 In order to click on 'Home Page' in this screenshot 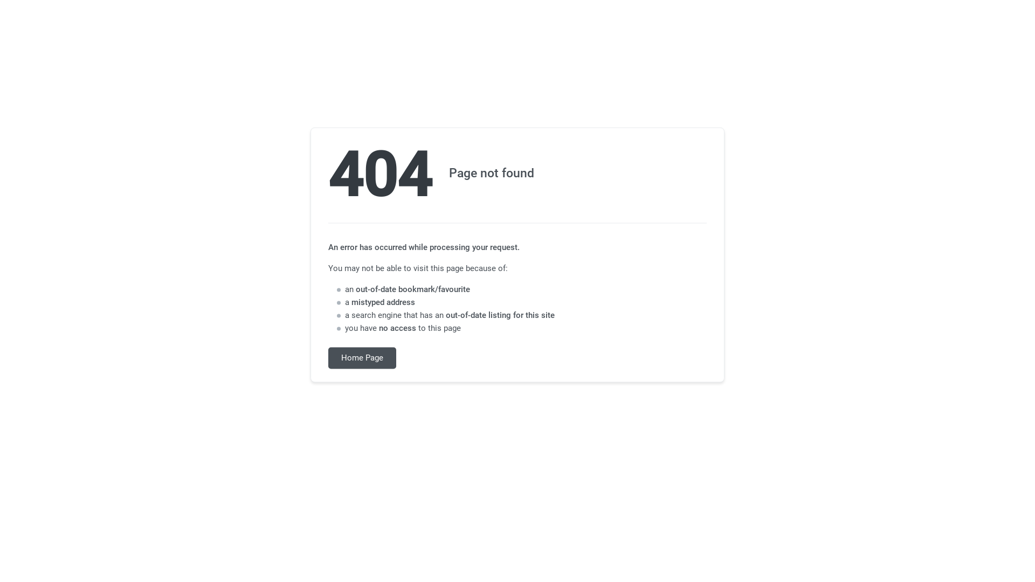, I will do `click(362, 358)`.